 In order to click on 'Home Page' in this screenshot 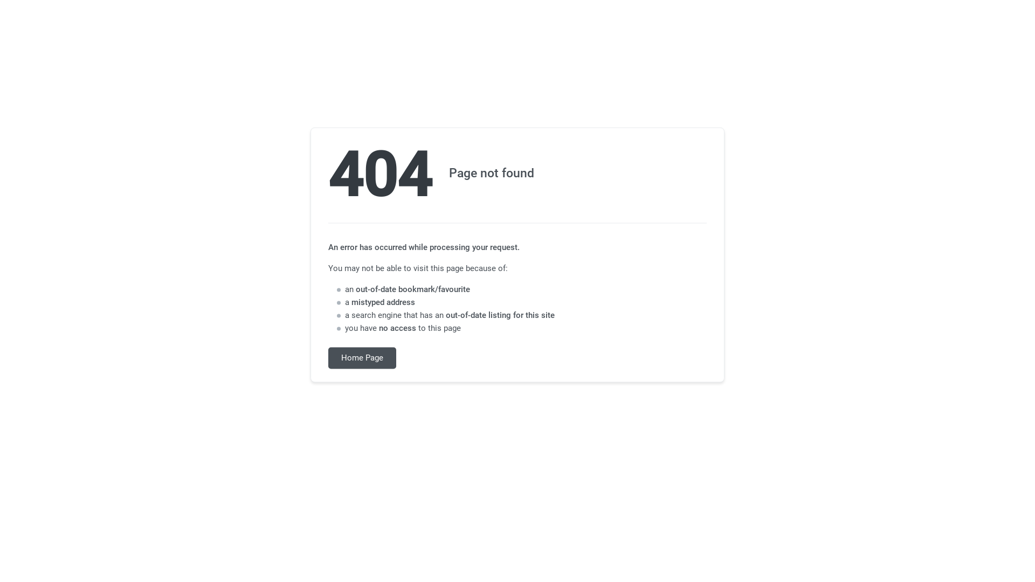, I will do `click(362, 358)`.